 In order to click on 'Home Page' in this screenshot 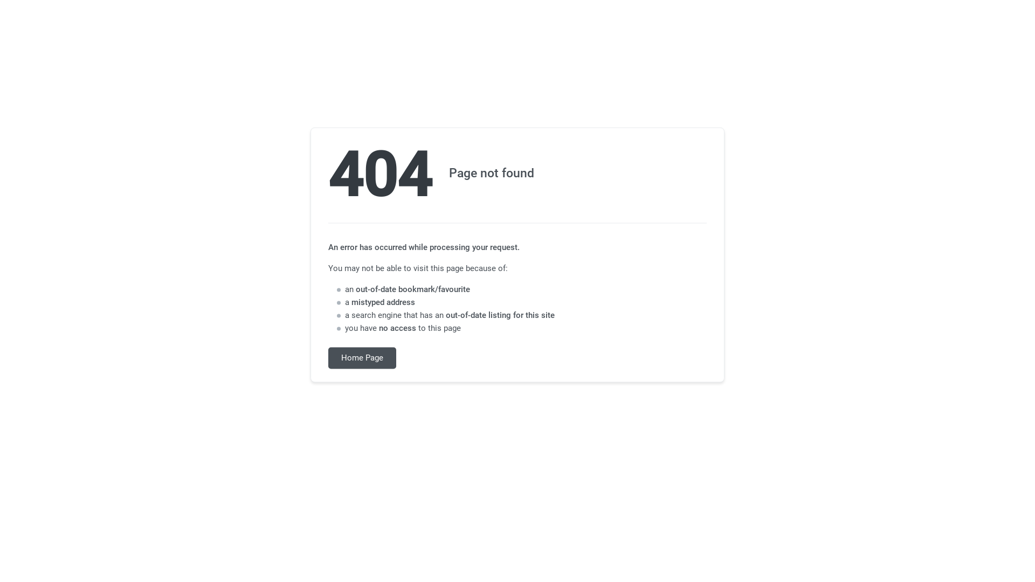, I will do `click(362, 358)`.